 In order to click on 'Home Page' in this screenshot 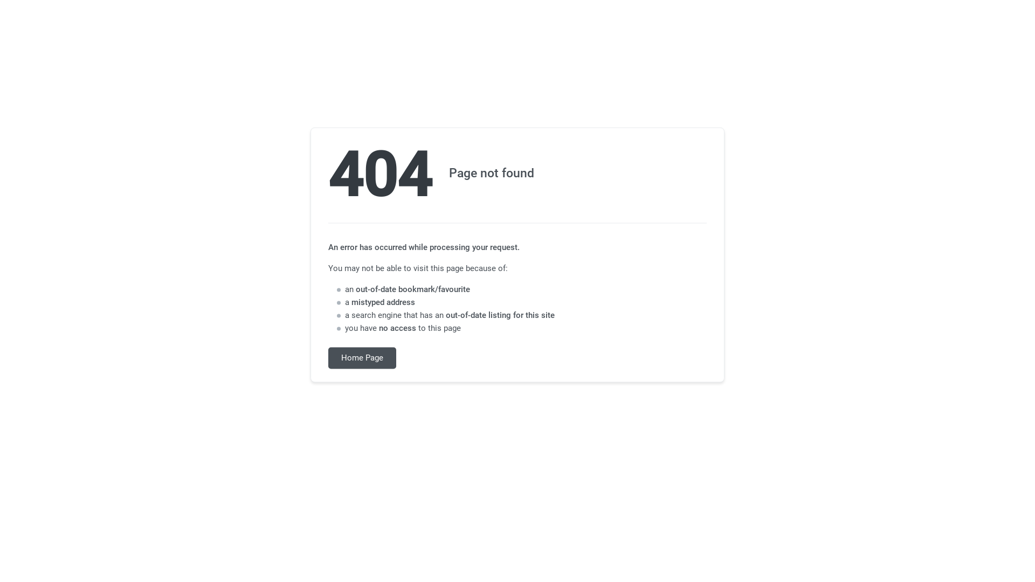, I will do `click(362, 358)`.